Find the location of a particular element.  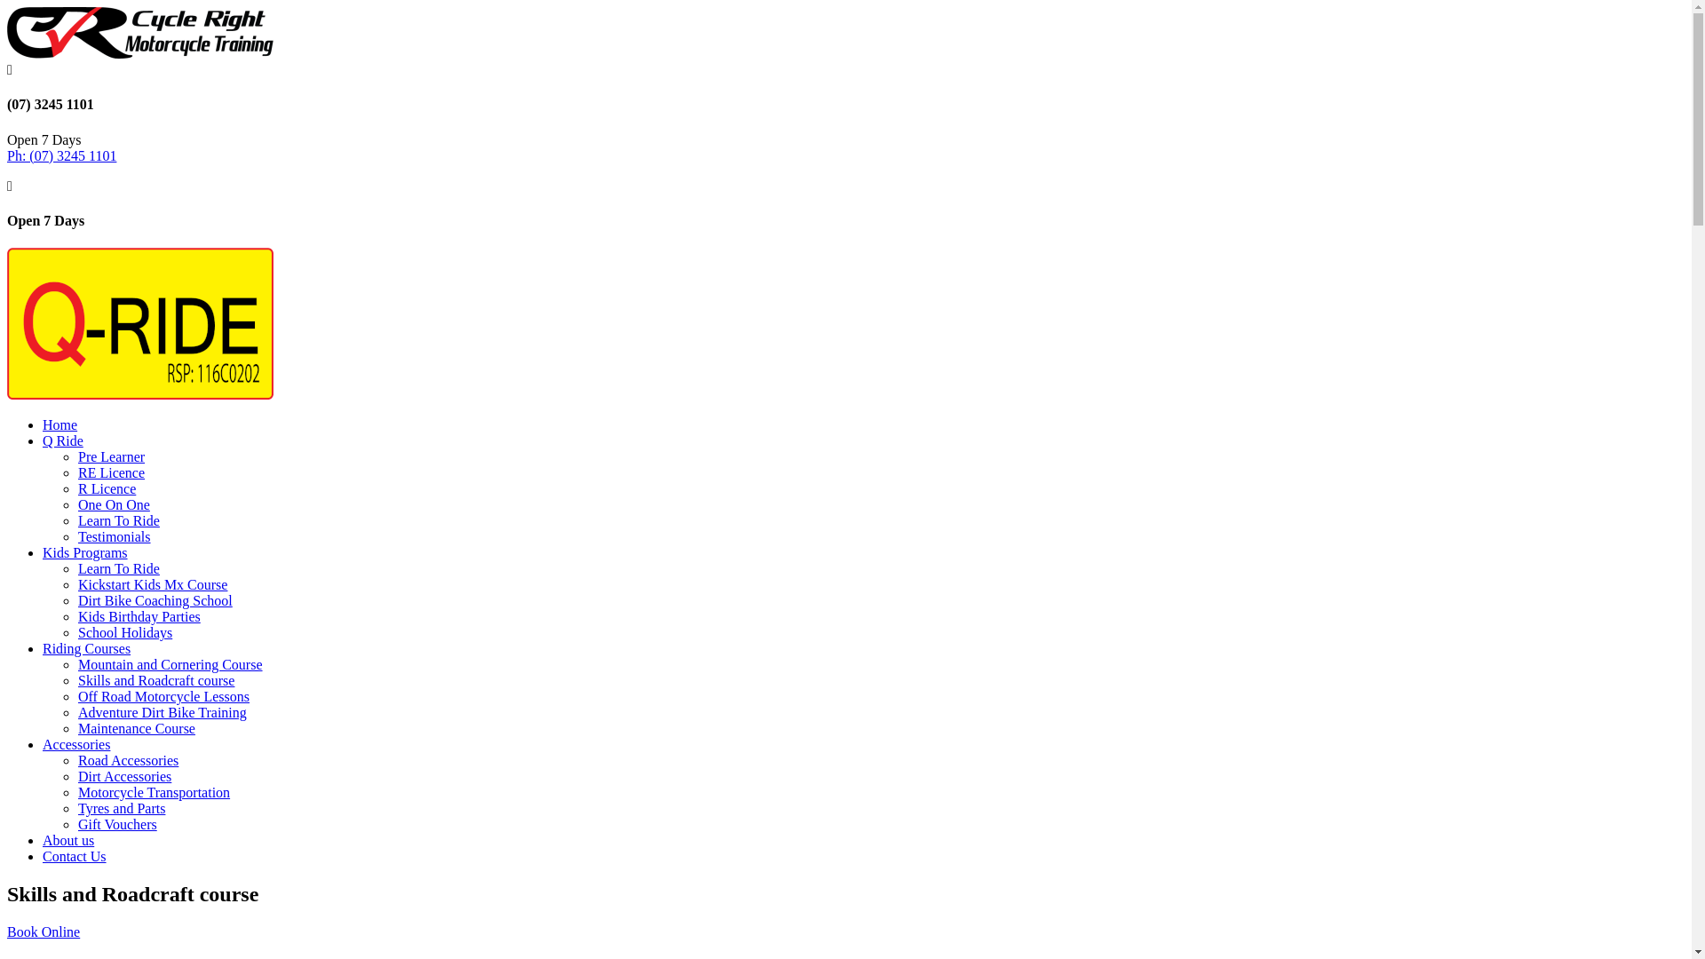

'About us' is located at coordinates (67, 839).